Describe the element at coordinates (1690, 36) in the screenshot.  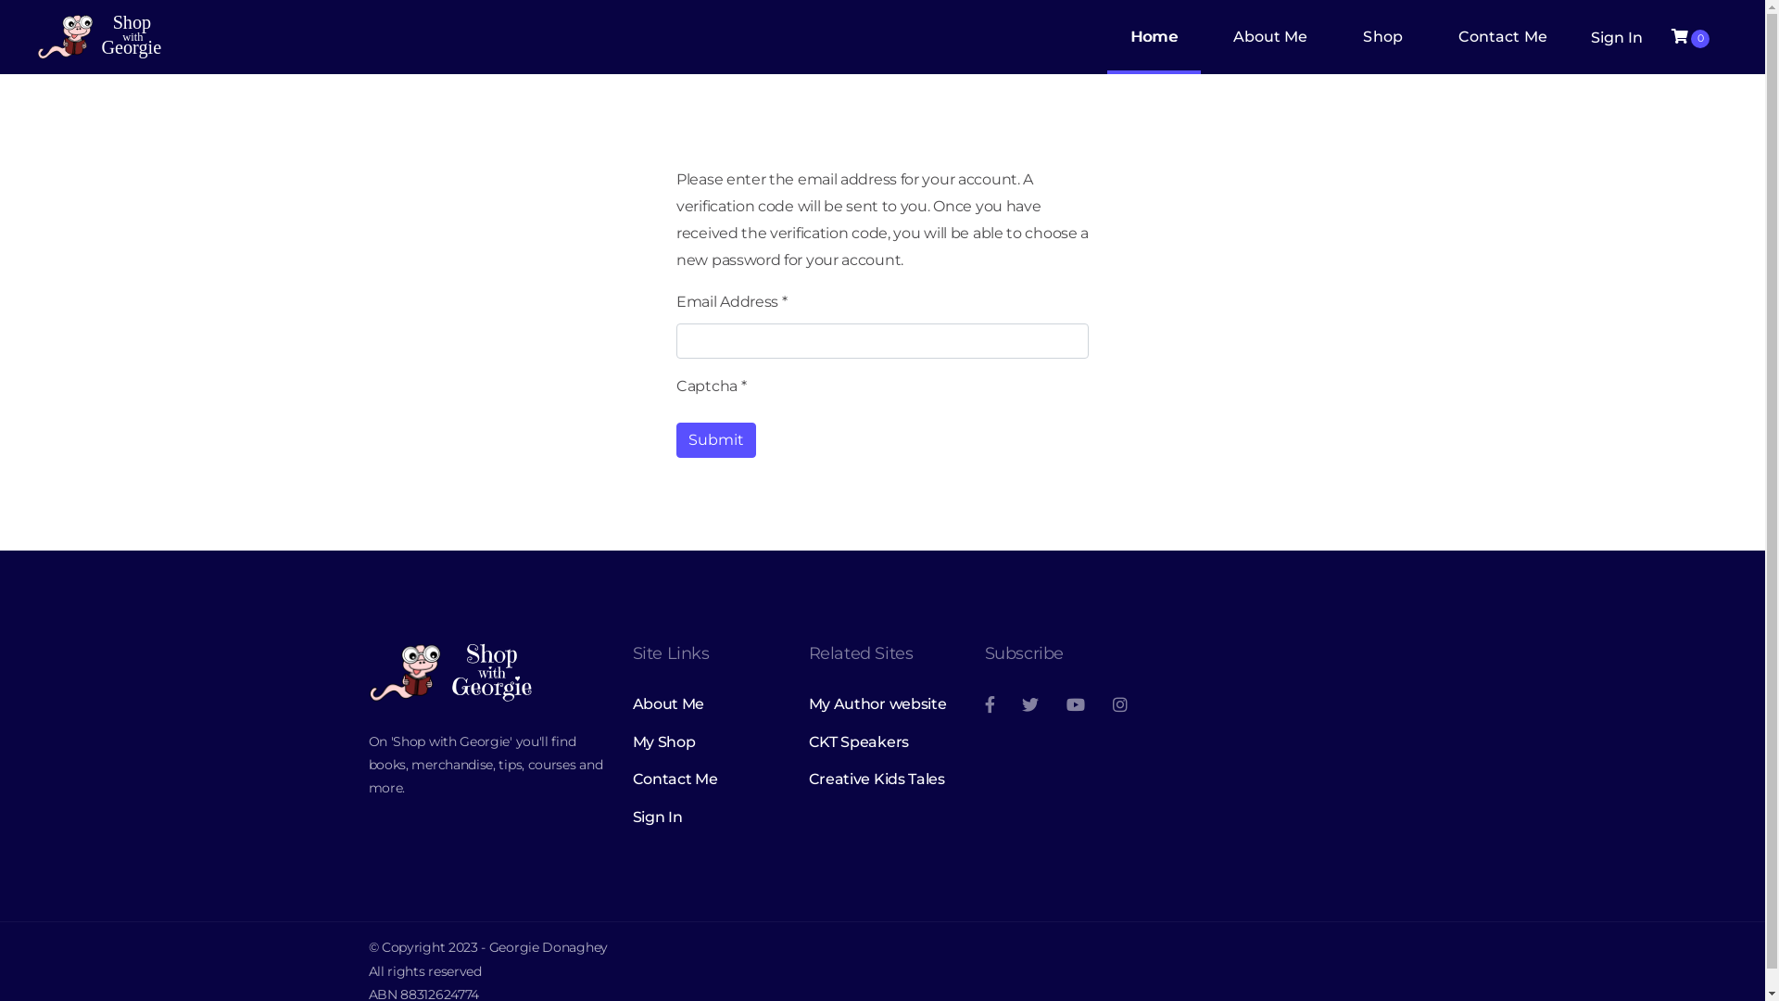
I see `'0'` at that location.